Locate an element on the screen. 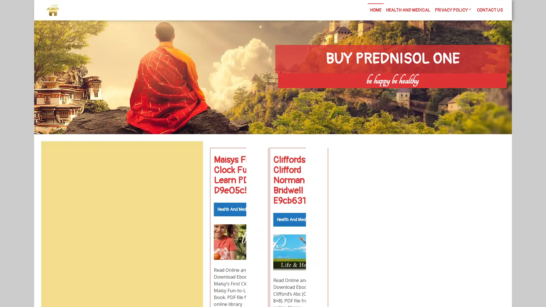 The width and height of the screenshot is (546, 307). Search is located at coordinates (443, 93).